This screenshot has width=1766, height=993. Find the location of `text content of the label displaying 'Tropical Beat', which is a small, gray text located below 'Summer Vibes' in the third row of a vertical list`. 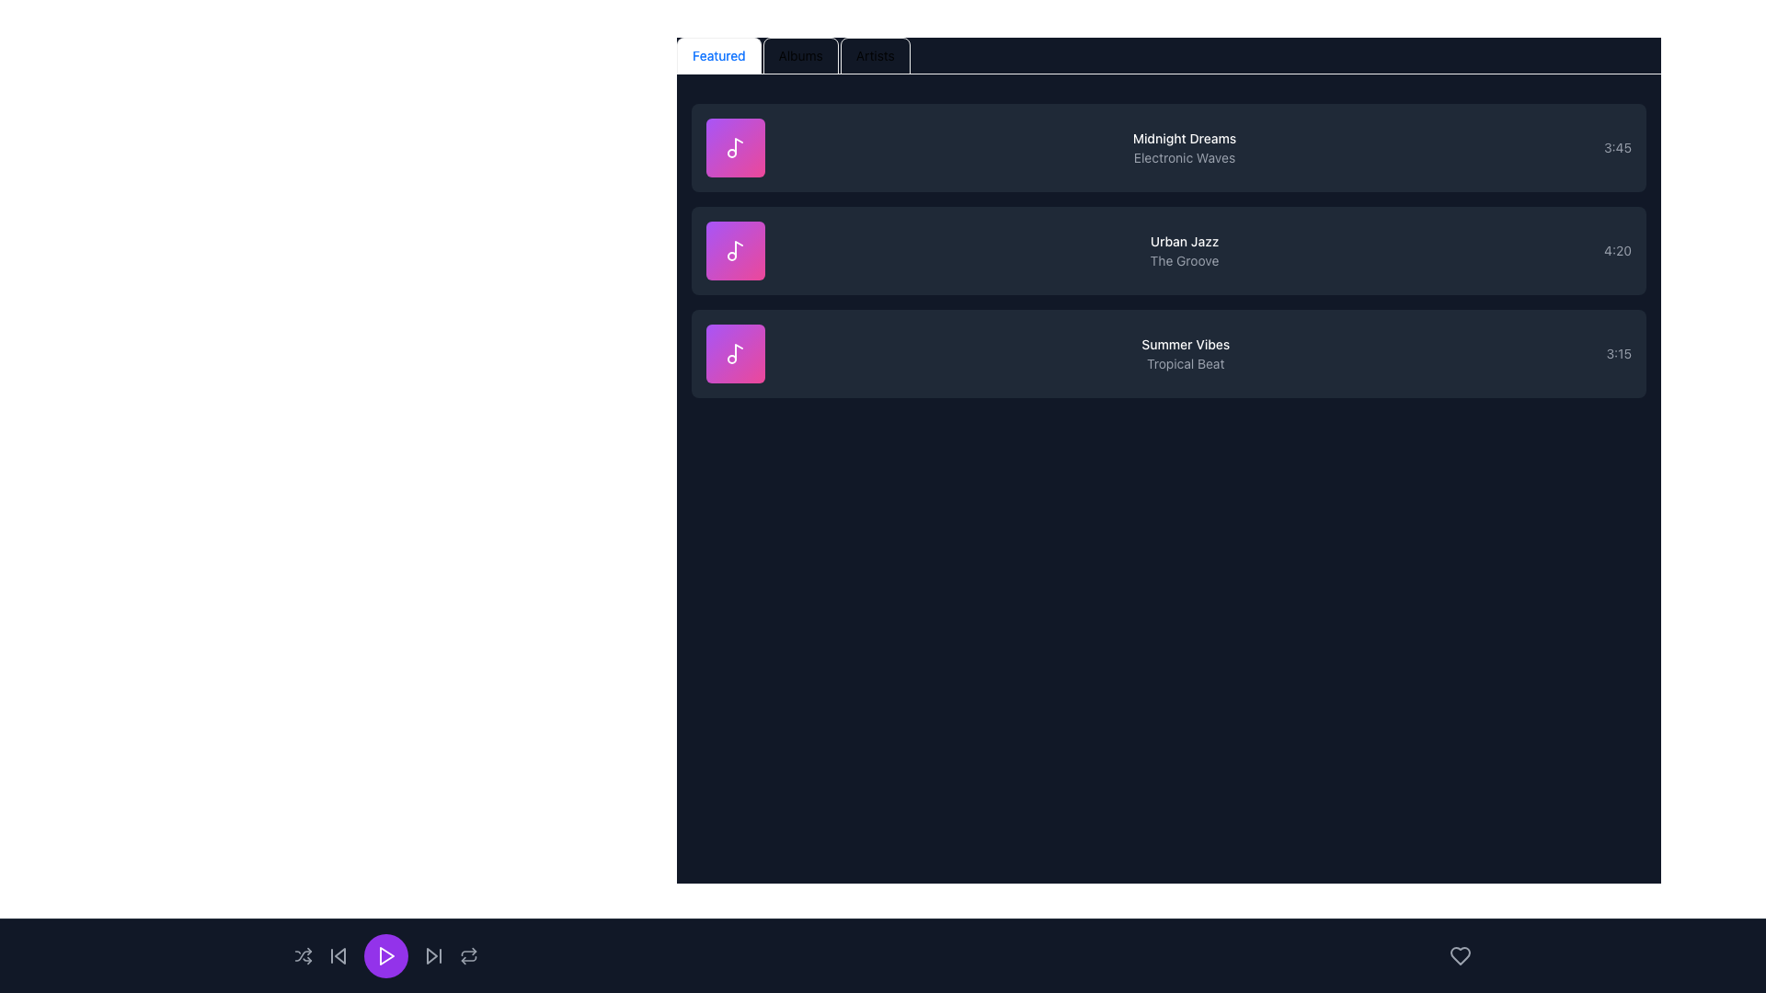

text content of the label displaying 'Tropical Beat', which is a small, gray text located below 'Summer Vibes' in the third row of a vertical list is located at coordinates (1186, 364).